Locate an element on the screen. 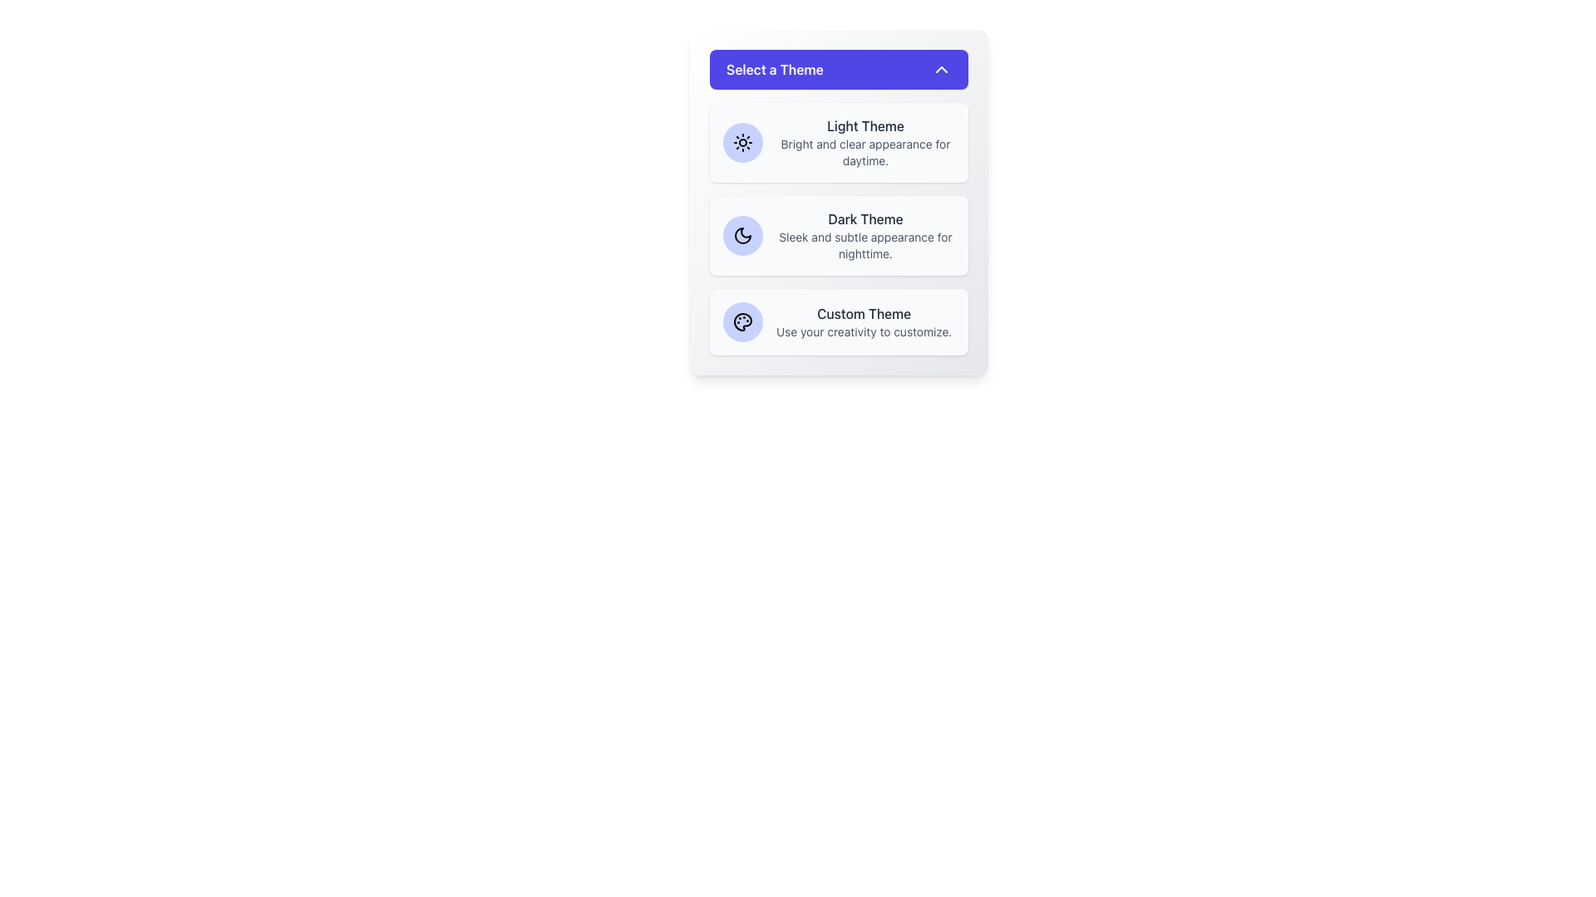 The height and width of the screenshot is (897, 1596). the descriptive text element that reads 'Bright and clear appearance for daytime.' positioned below the 'Light Theme' header is located at coordinates (864, 153).